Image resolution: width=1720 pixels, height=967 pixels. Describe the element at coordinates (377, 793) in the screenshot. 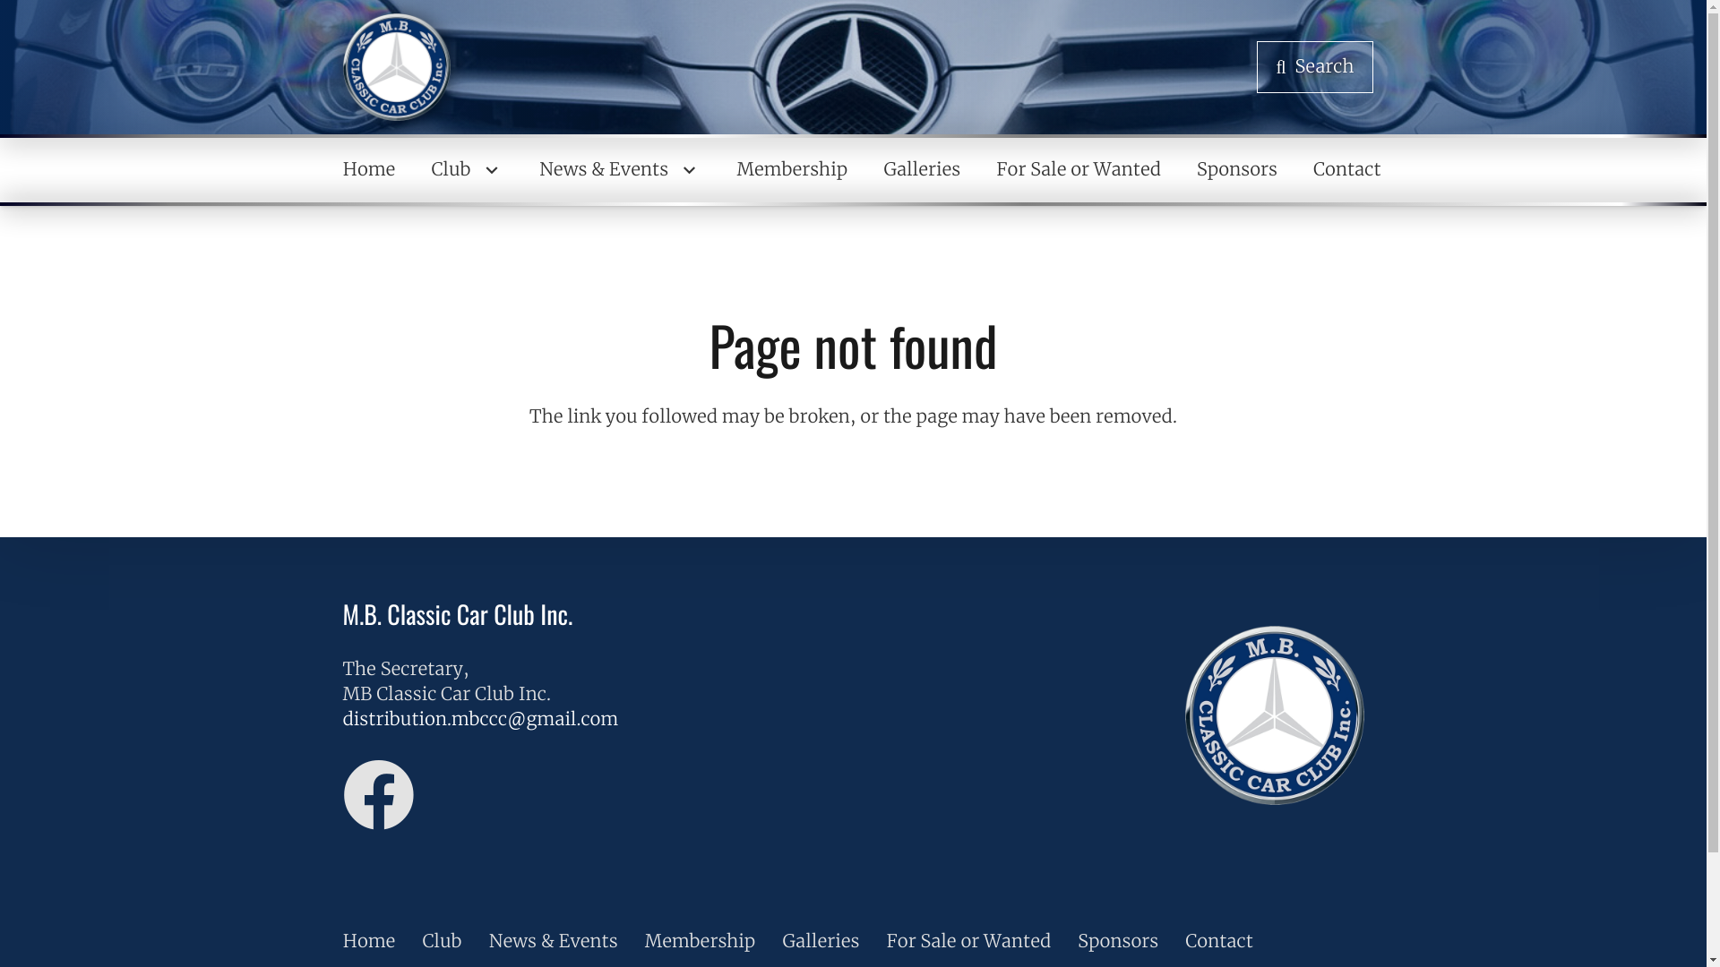

I see `'Facebook'` at that location.